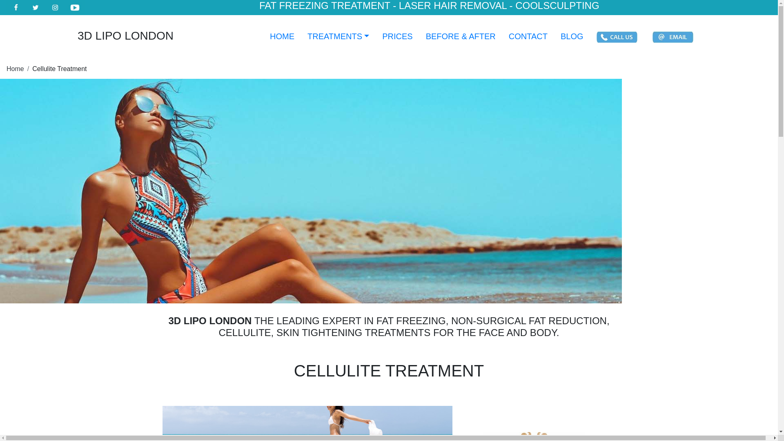 This screenshot has width=784, height=441. What do you see at coordinates (397, 36) in the screenshot?
I see `'PRICES'` at bounding box center [397, 36].